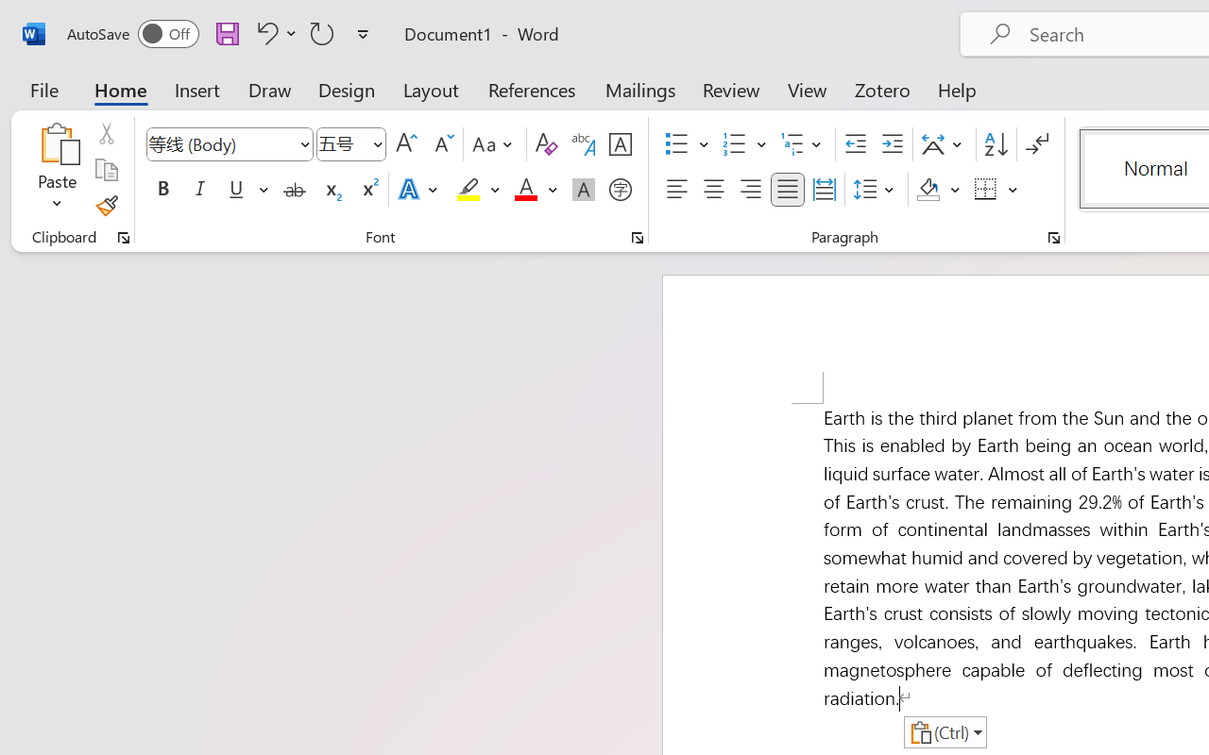  What do you see at coordinates (995, 144) in the screenshot?
I see `'Sort...'` at bounding box center [995, 144].